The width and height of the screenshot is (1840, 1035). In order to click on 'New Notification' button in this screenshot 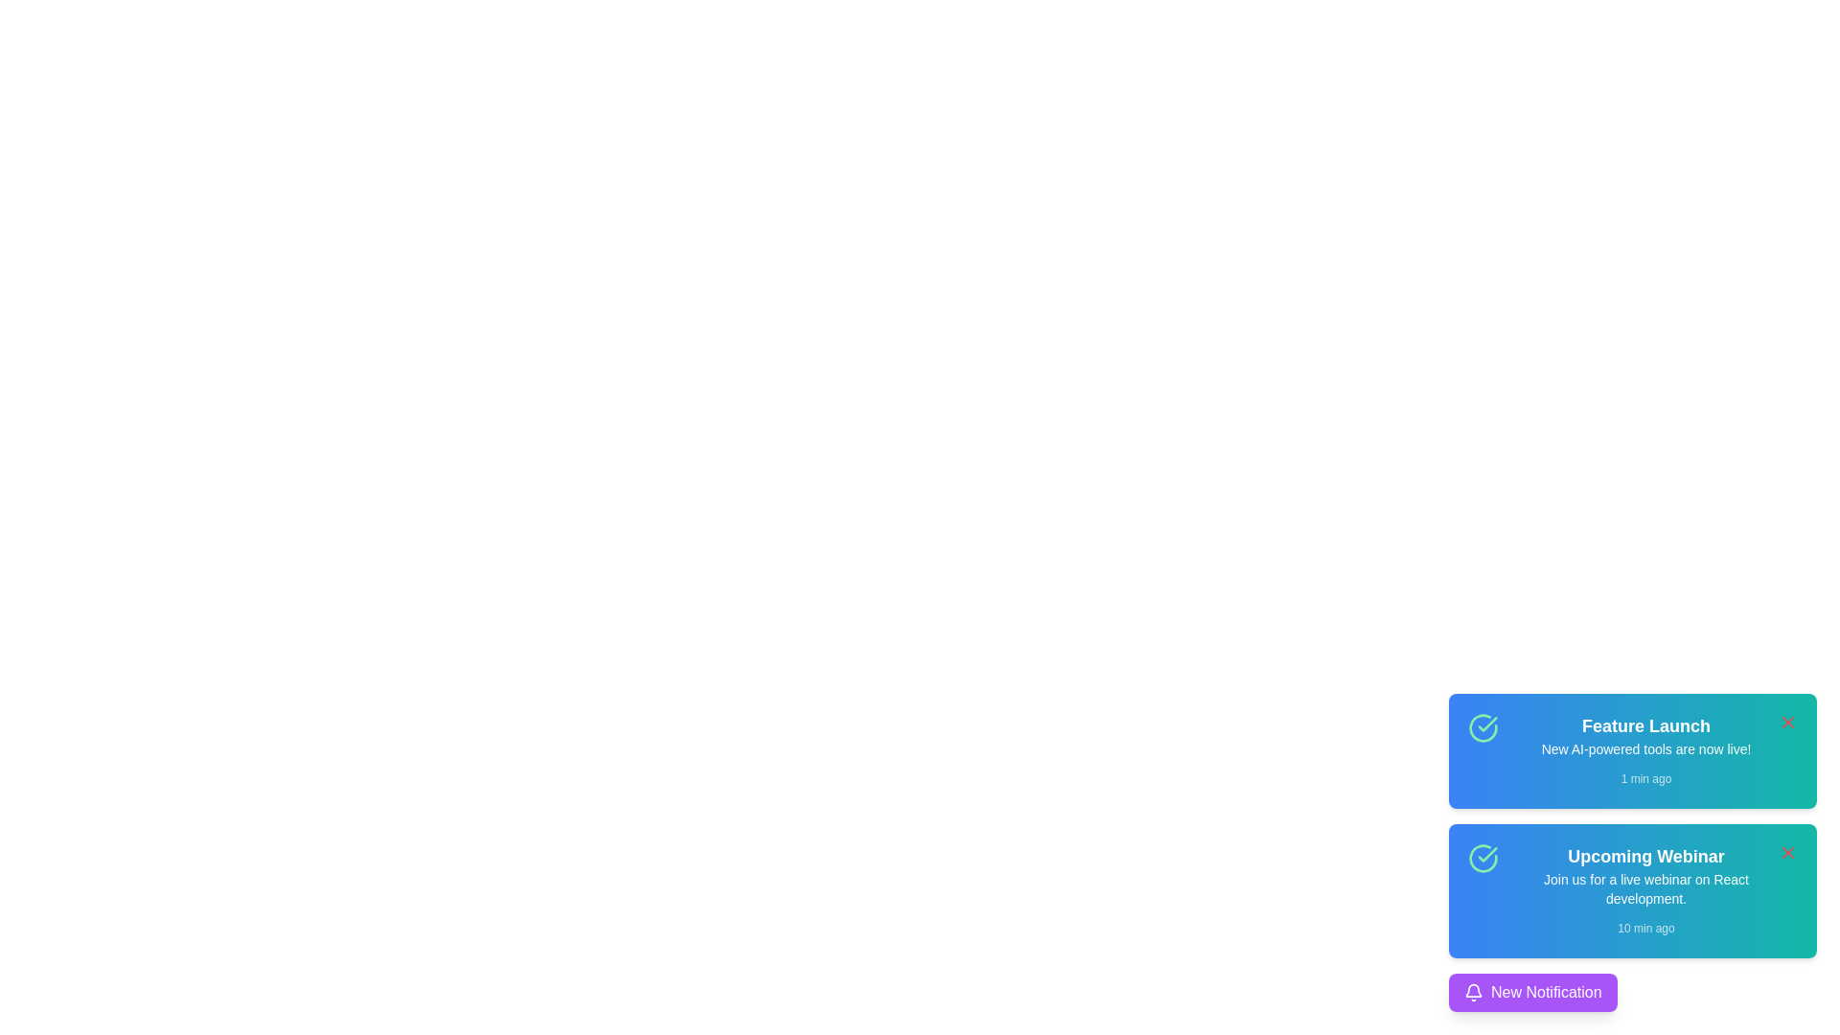, I will do `click(1531, 992)`.